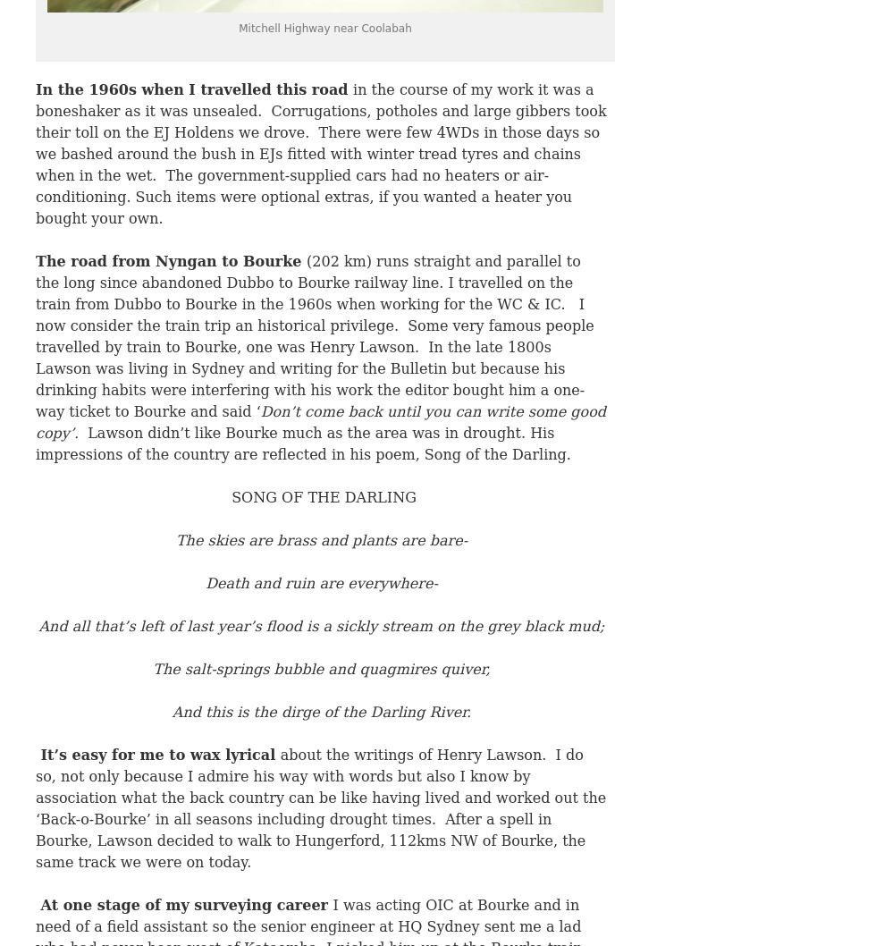 The width and height of the screenshot is (876, 946). Describe the element at coordinates (302, 443) in the screenshot. I see `'Lawson didn’t like Bourke much as the area was in drought. His impressions of the country are reflected in his poem, Song of the Darling.'` at that location.